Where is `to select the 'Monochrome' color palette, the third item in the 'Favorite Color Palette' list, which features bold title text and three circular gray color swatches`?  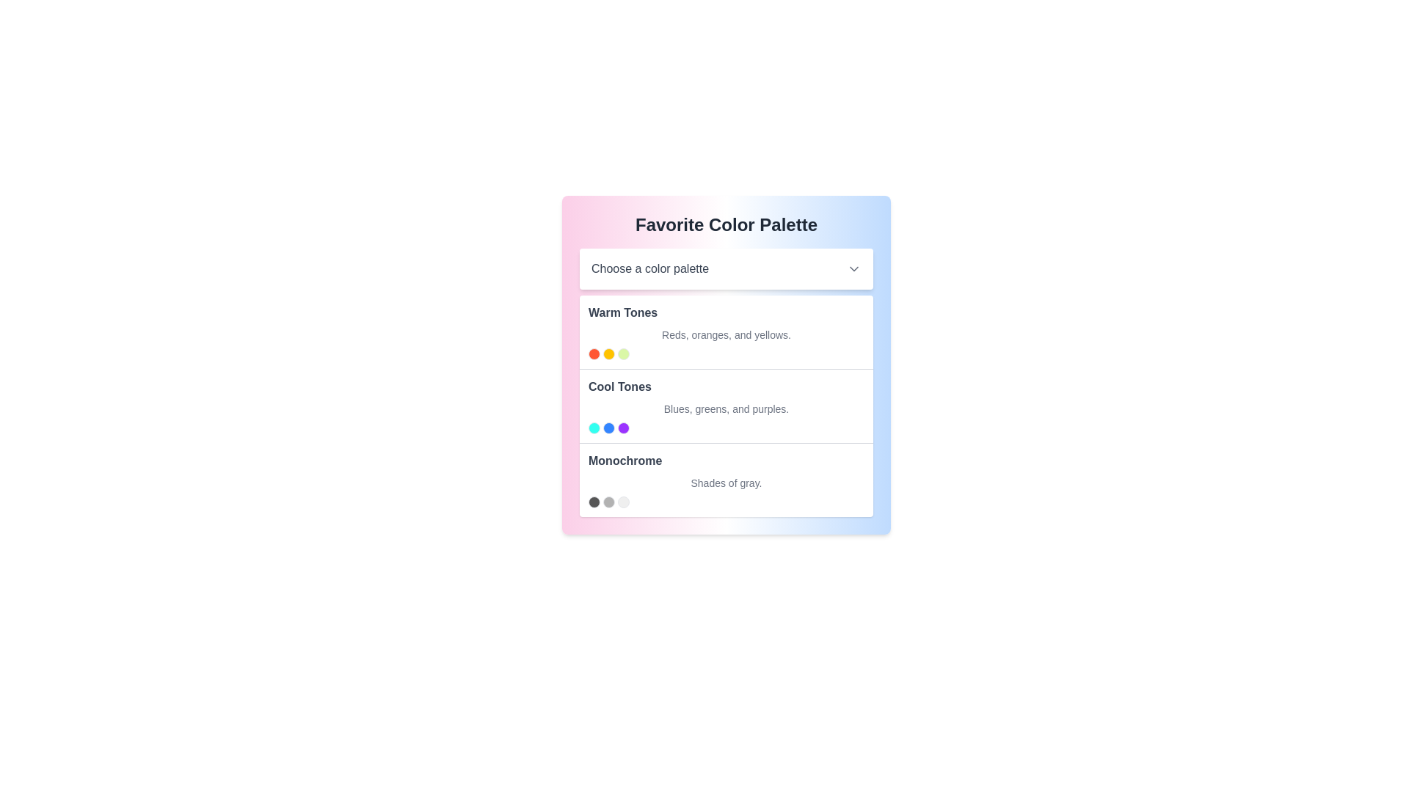 to select the 'Monochrome' color palette, the third item in the 'Favorite Color Palette' list, which features bold title text and three circular gray color swatches is located at coordinates (726, 480).